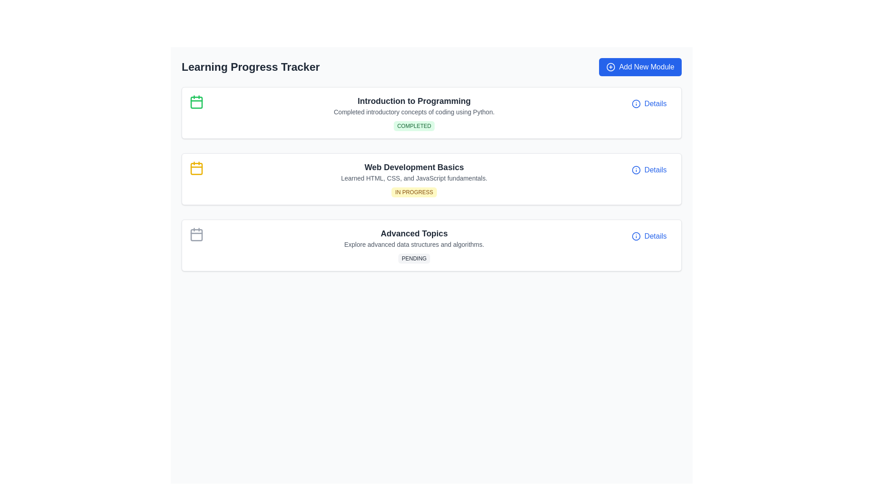  Describe the element at coordinates (649, 103) in the screenshot. I see `the 'Details' button located on the right side of the 'Introduction to Programming' module block` at that location.